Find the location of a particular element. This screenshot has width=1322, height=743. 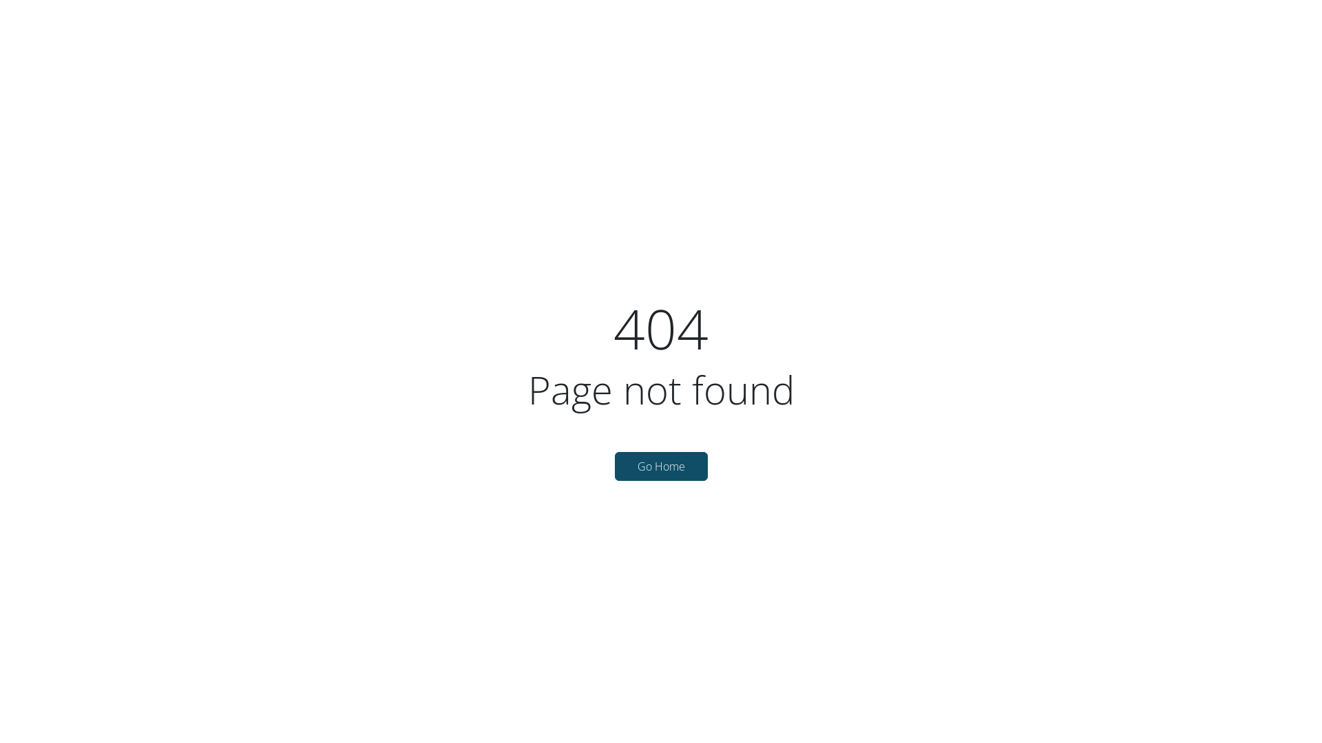

'Go Home' is located at coordinates (660, 466).